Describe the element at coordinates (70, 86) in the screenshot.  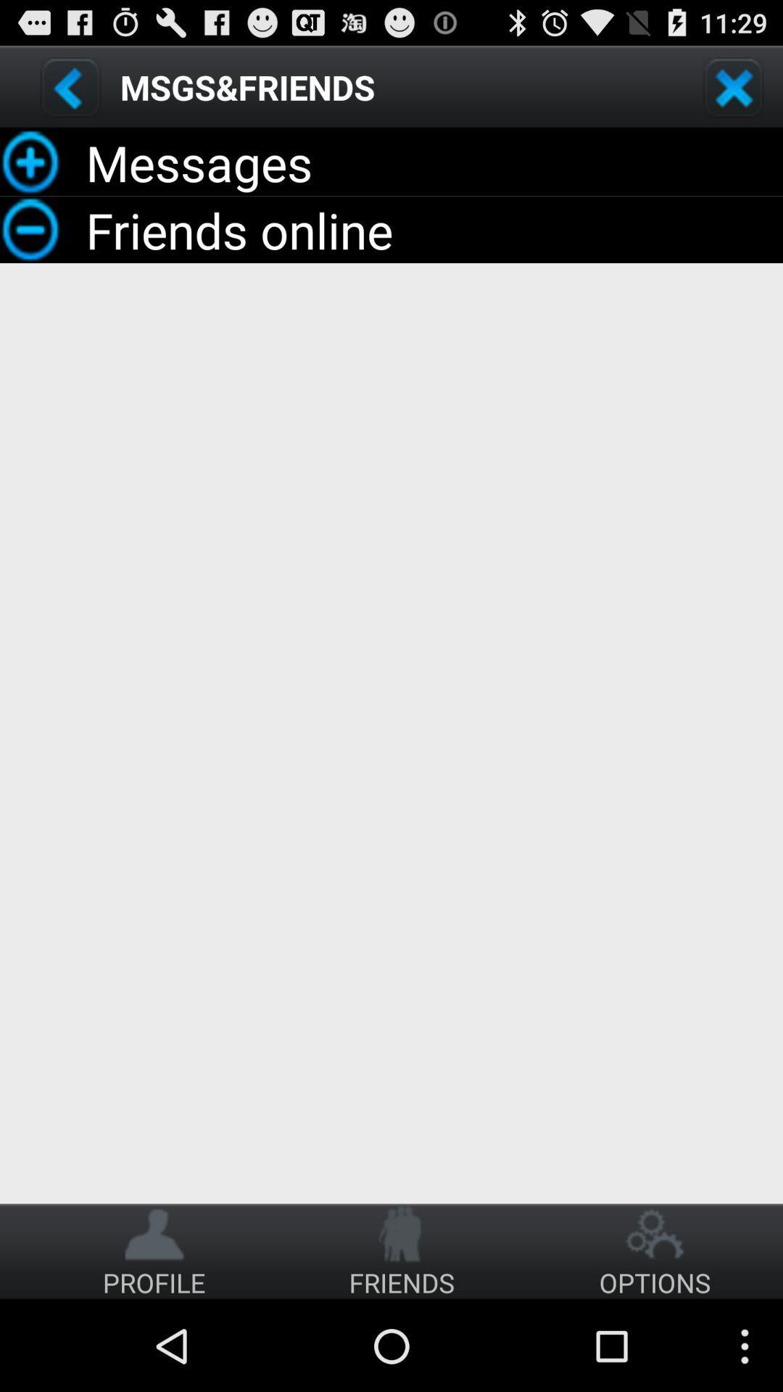
I see `go back` at that location.